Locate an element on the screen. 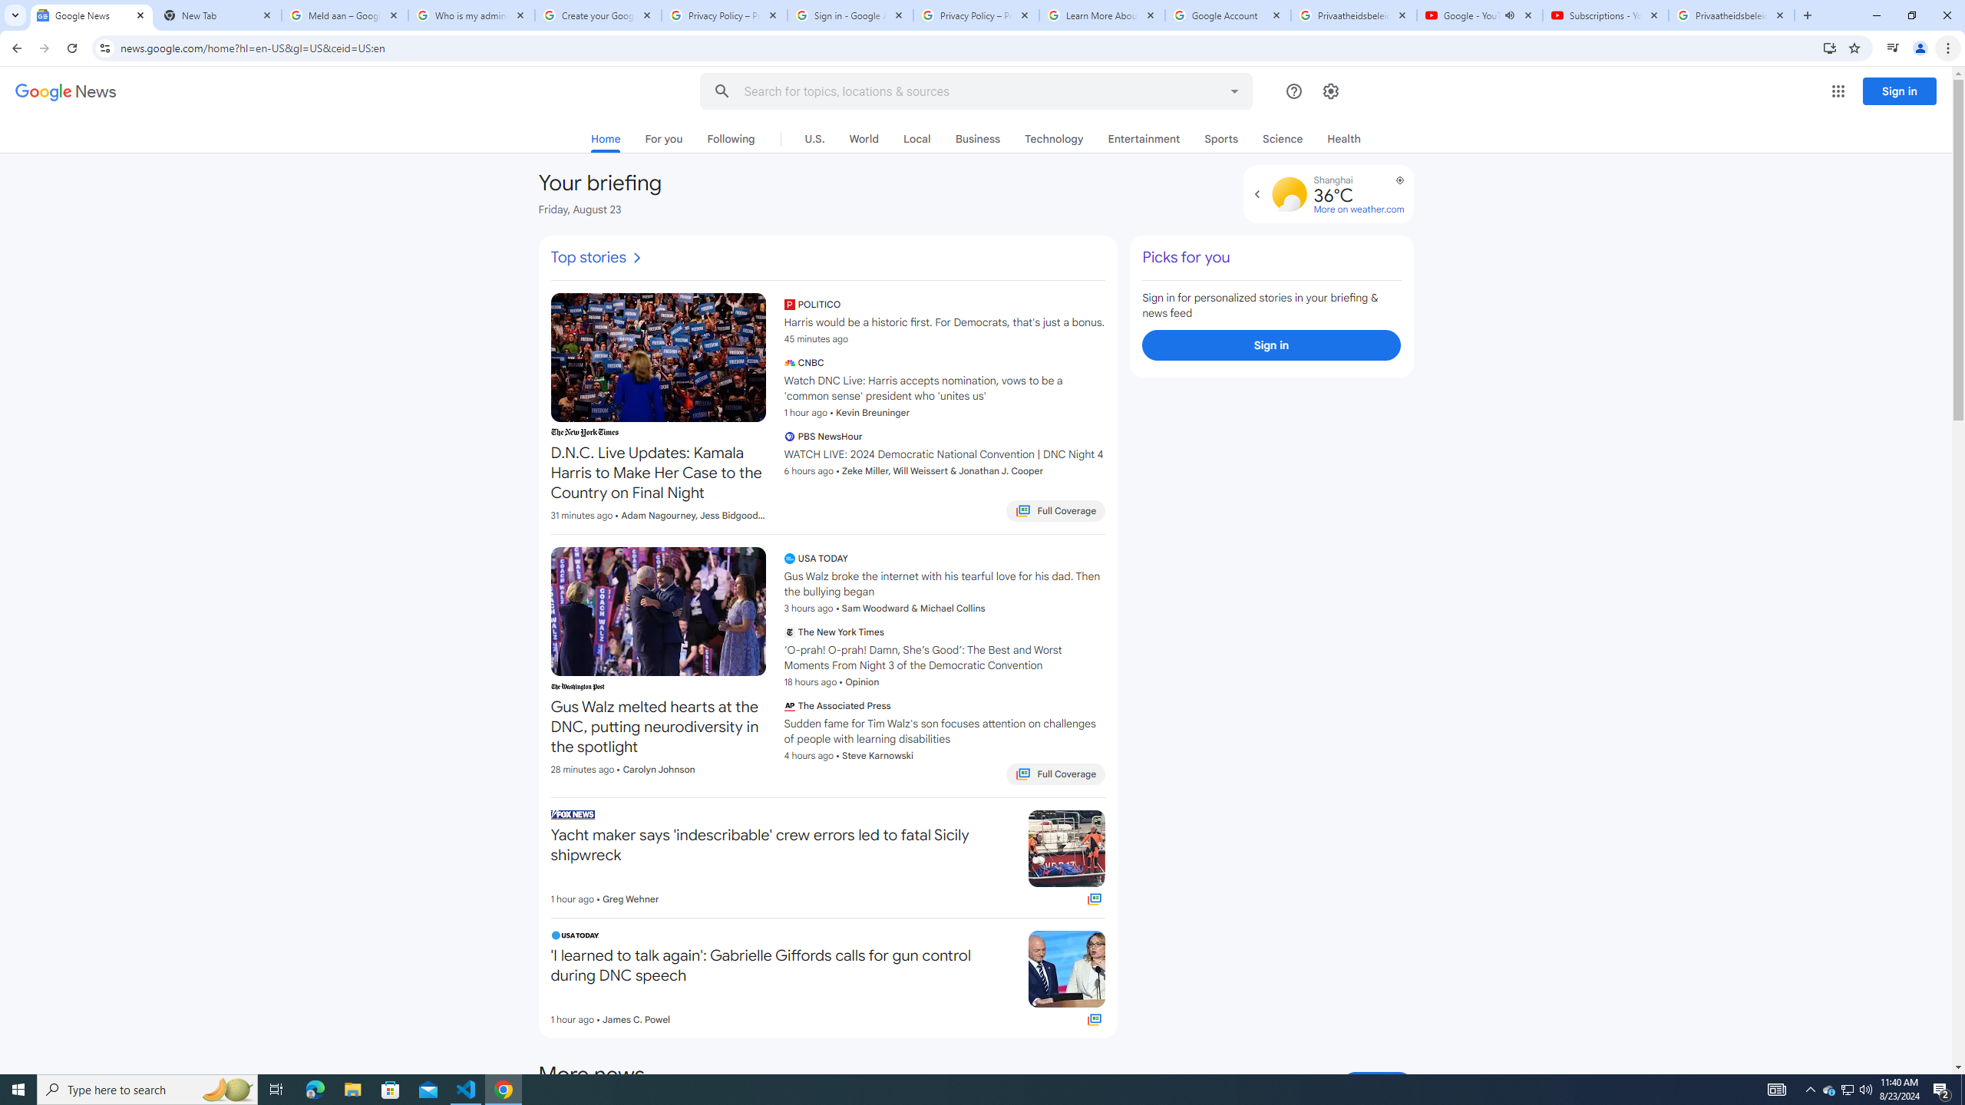  'Subscriptions - YouTube' is located at coordinates (1605, 15).